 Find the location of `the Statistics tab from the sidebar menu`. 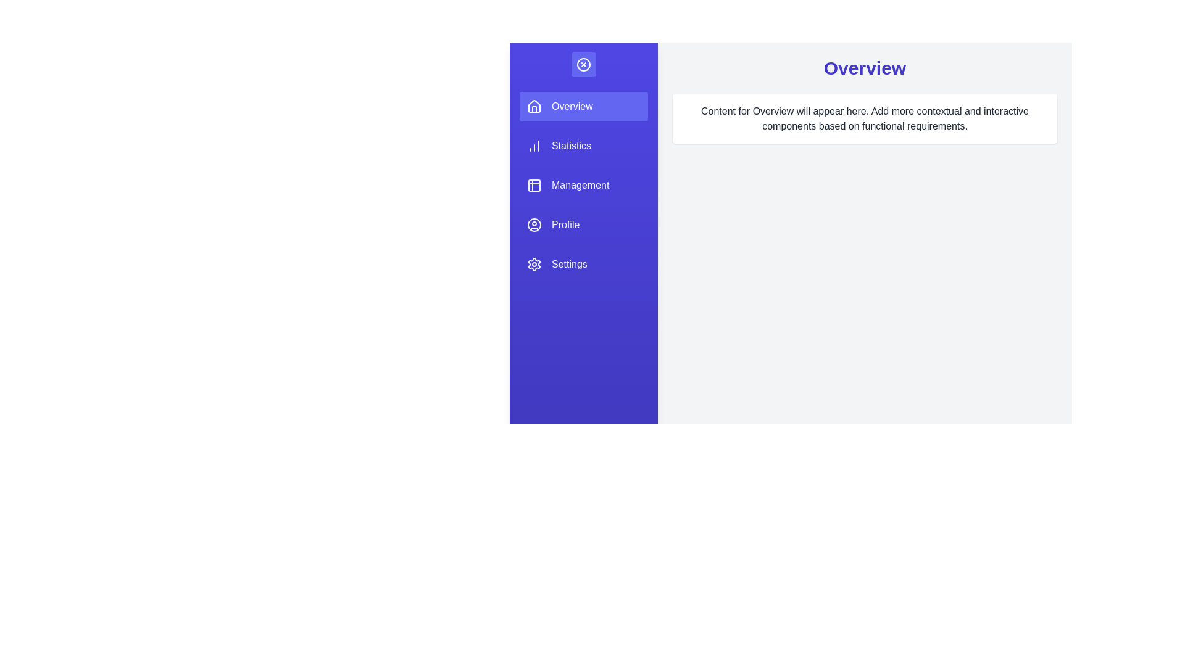

the Statistics tab from the sidebar menu is located at coordinates (583, 145).